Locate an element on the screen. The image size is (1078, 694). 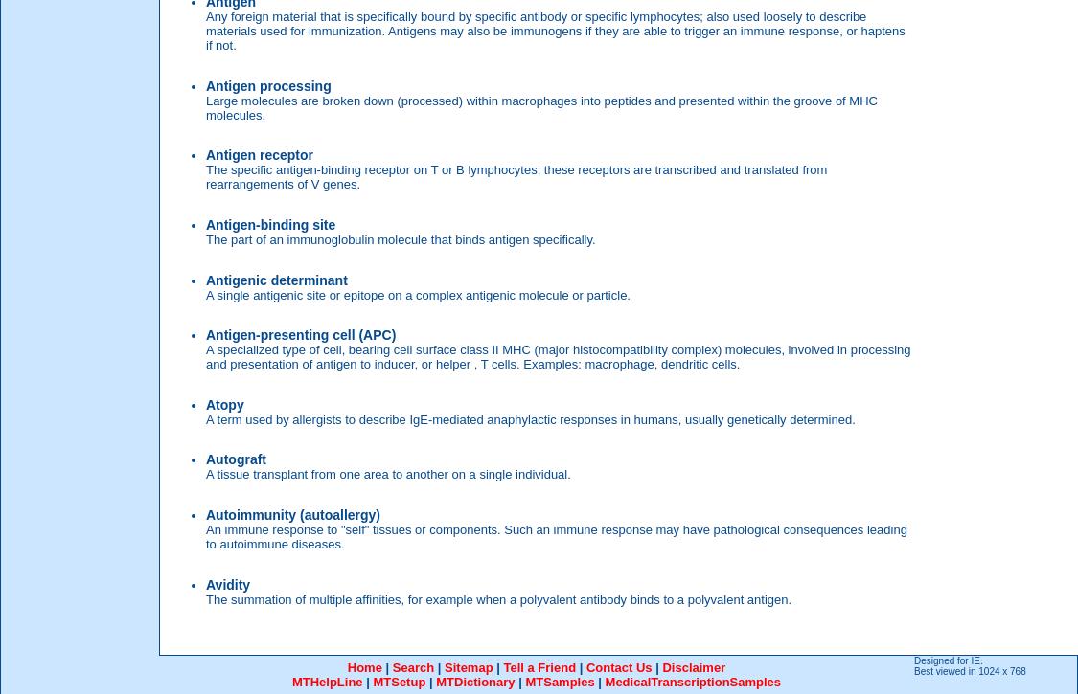
'A term used by allergists to describe IgE-mediated anaphylactic responses in humans, usually genetically determined.' is located at coordinates (529, 417).